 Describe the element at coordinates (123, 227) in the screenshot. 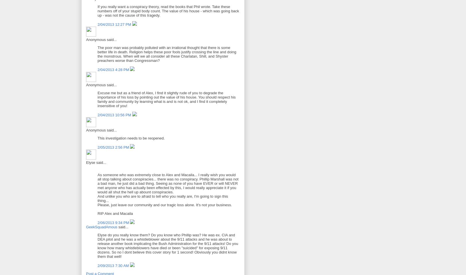

I see `'said...'` at that location.